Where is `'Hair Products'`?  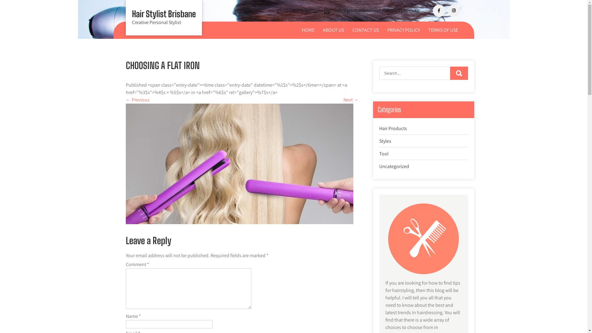
'Hair Products' is located at coordinates (393, 128).